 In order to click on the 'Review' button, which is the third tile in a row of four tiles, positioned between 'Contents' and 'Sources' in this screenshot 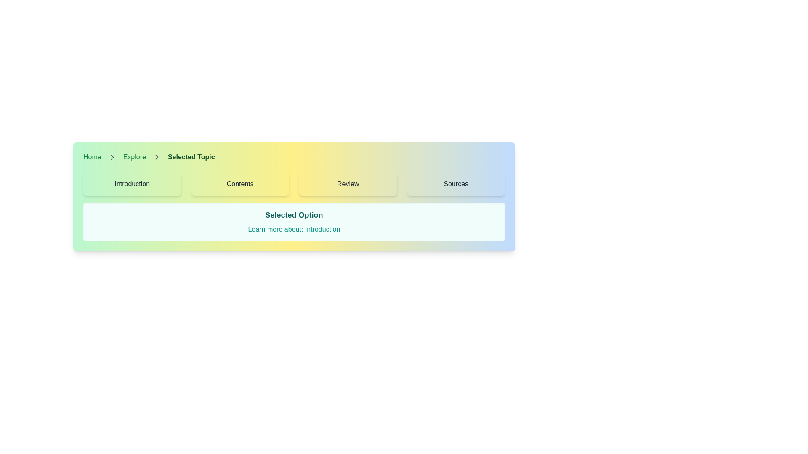, I will do `click(348, 184)`.